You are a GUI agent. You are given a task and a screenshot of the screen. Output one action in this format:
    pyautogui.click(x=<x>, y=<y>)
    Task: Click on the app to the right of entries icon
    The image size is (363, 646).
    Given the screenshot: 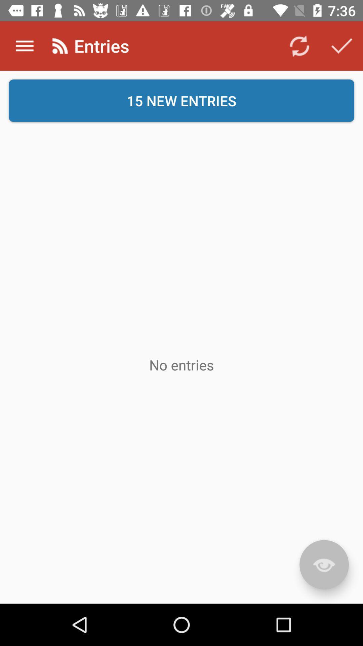 What is the action you would take?
    pyautogui.click(x=299, y=45)
    